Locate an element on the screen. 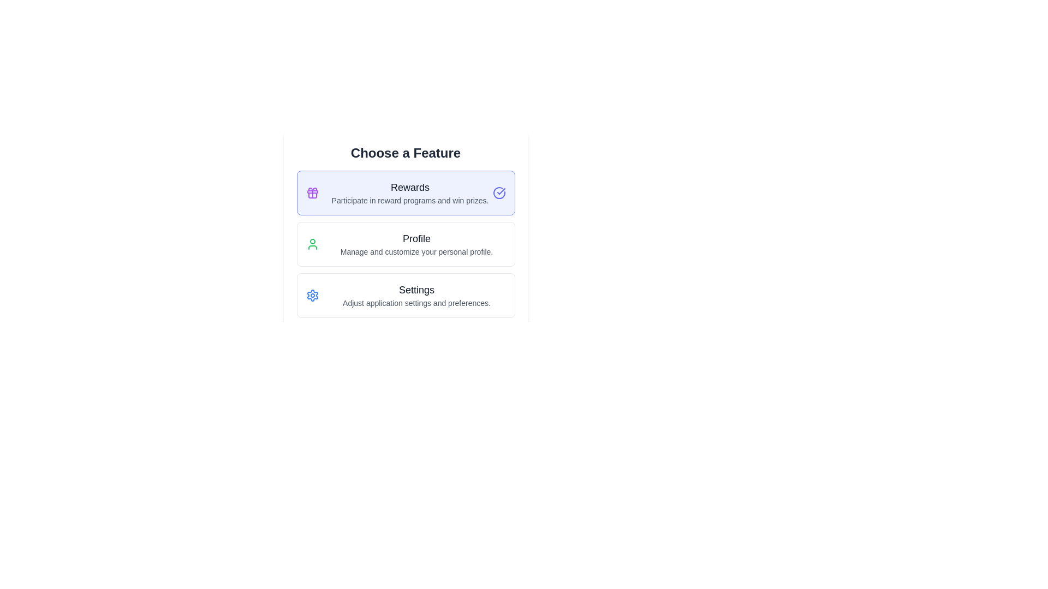  the profile management button located below the 'Rewards' section and above the 'Settings' section in the 'Choose a Feature' list is located at coordinates (405, 231).